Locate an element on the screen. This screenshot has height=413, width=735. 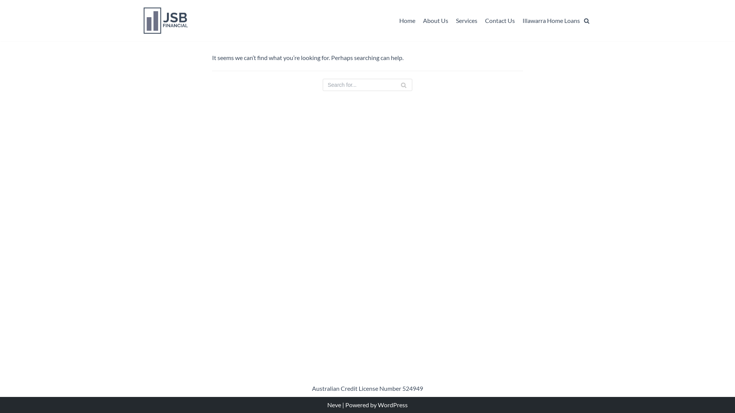
'Skip to content' is located at coordinates (7, 16).